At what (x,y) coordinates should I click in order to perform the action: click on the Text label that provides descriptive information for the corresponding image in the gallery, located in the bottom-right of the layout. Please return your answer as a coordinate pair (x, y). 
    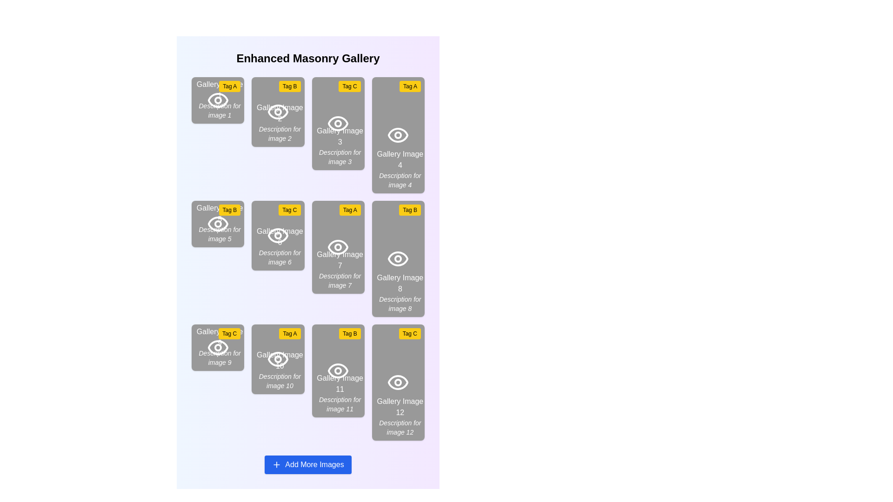
    Looking at the image, I should click on (400, 180).